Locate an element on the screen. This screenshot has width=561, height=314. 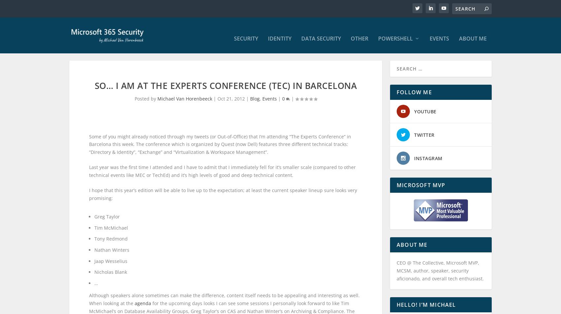
'Follow Me' is located at coordinates (413, 98).